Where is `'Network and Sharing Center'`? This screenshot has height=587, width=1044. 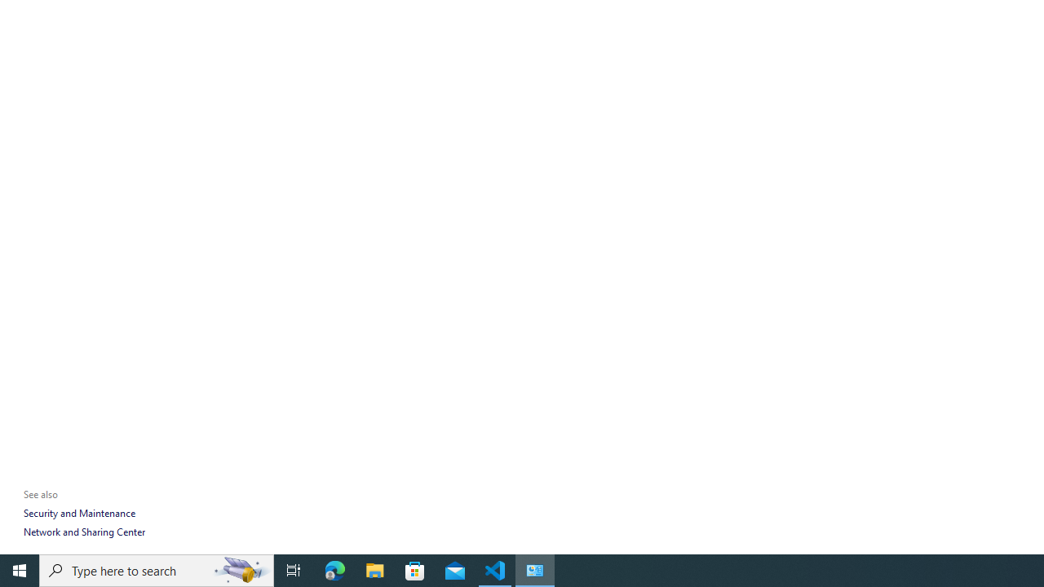 'Network and Sharing Center' is located at coordinates (83, 532).